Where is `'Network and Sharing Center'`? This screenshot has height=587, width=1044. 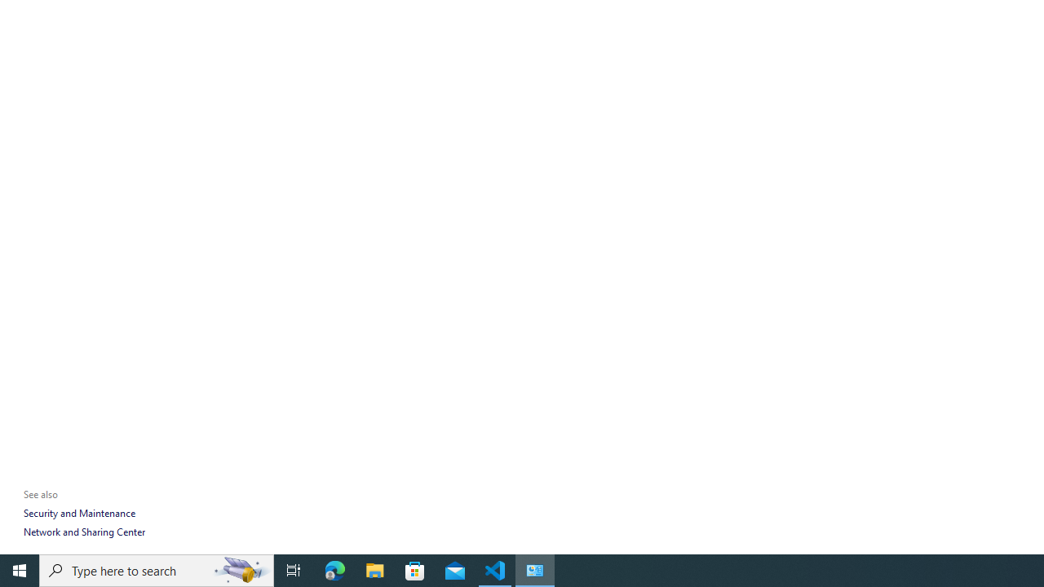 'Network and Sharing Center' is located at coordinates (83, 532).